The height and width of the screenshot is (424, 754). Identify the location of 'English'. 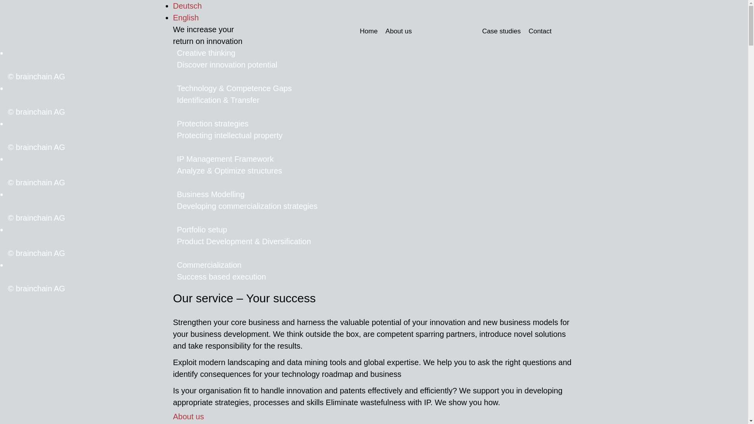
(185, 18).